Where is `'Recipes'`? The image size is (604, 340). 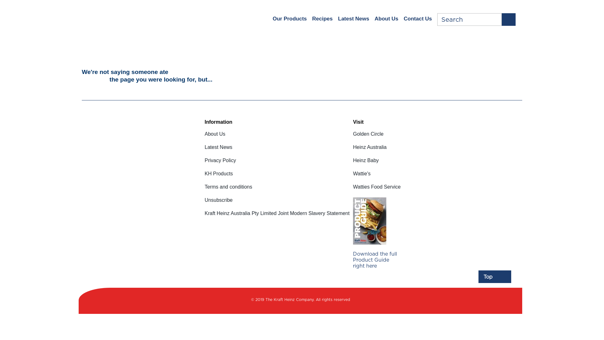
'Recipes' is located at coordinates (322, 19).